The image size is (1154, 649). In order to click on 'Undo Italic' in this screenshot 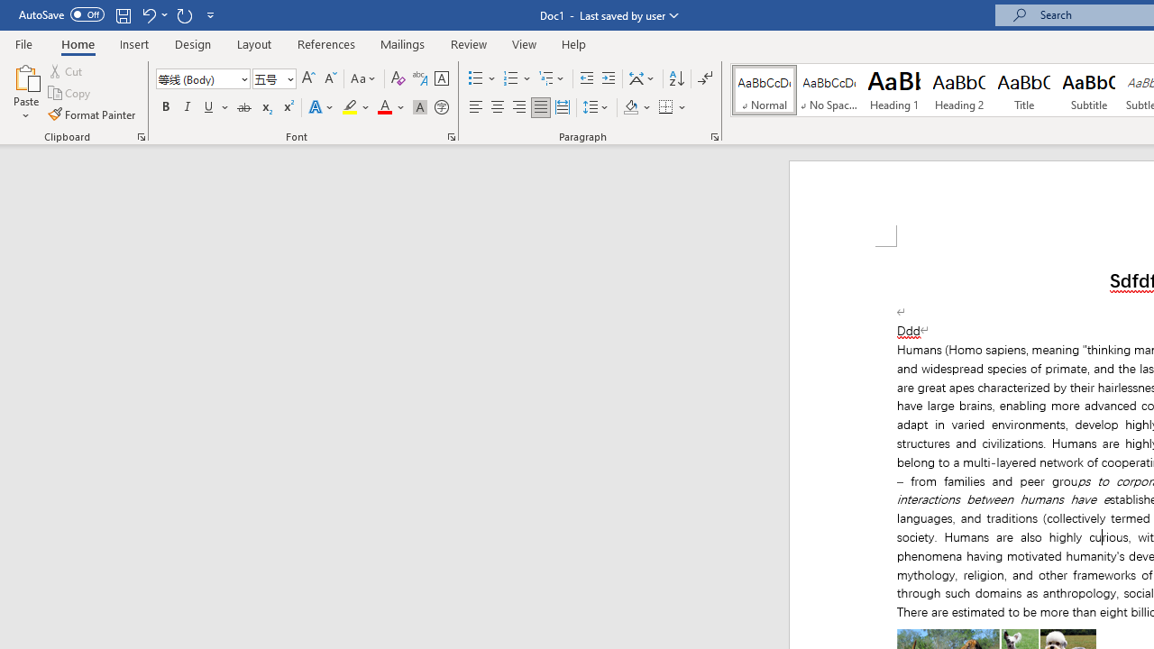, I will do `click(153, 14)`.